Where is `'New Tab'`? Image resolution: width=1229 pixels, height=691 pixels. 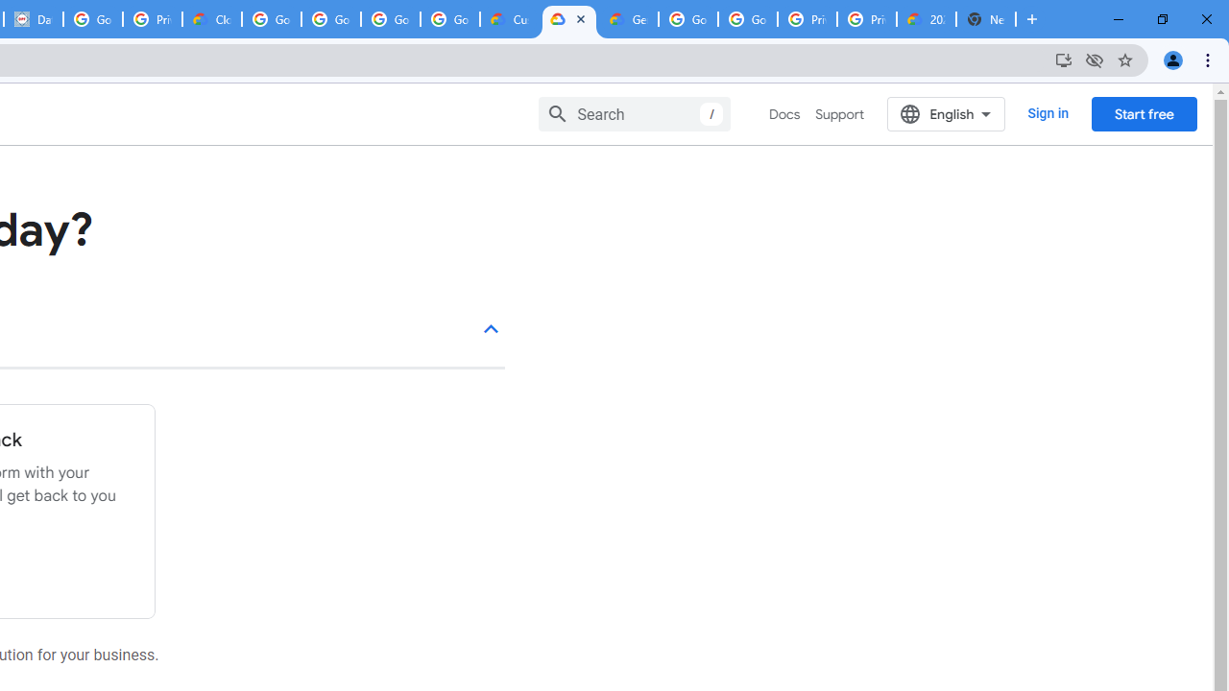 'New Tab' is located at coordinates (986, 19).